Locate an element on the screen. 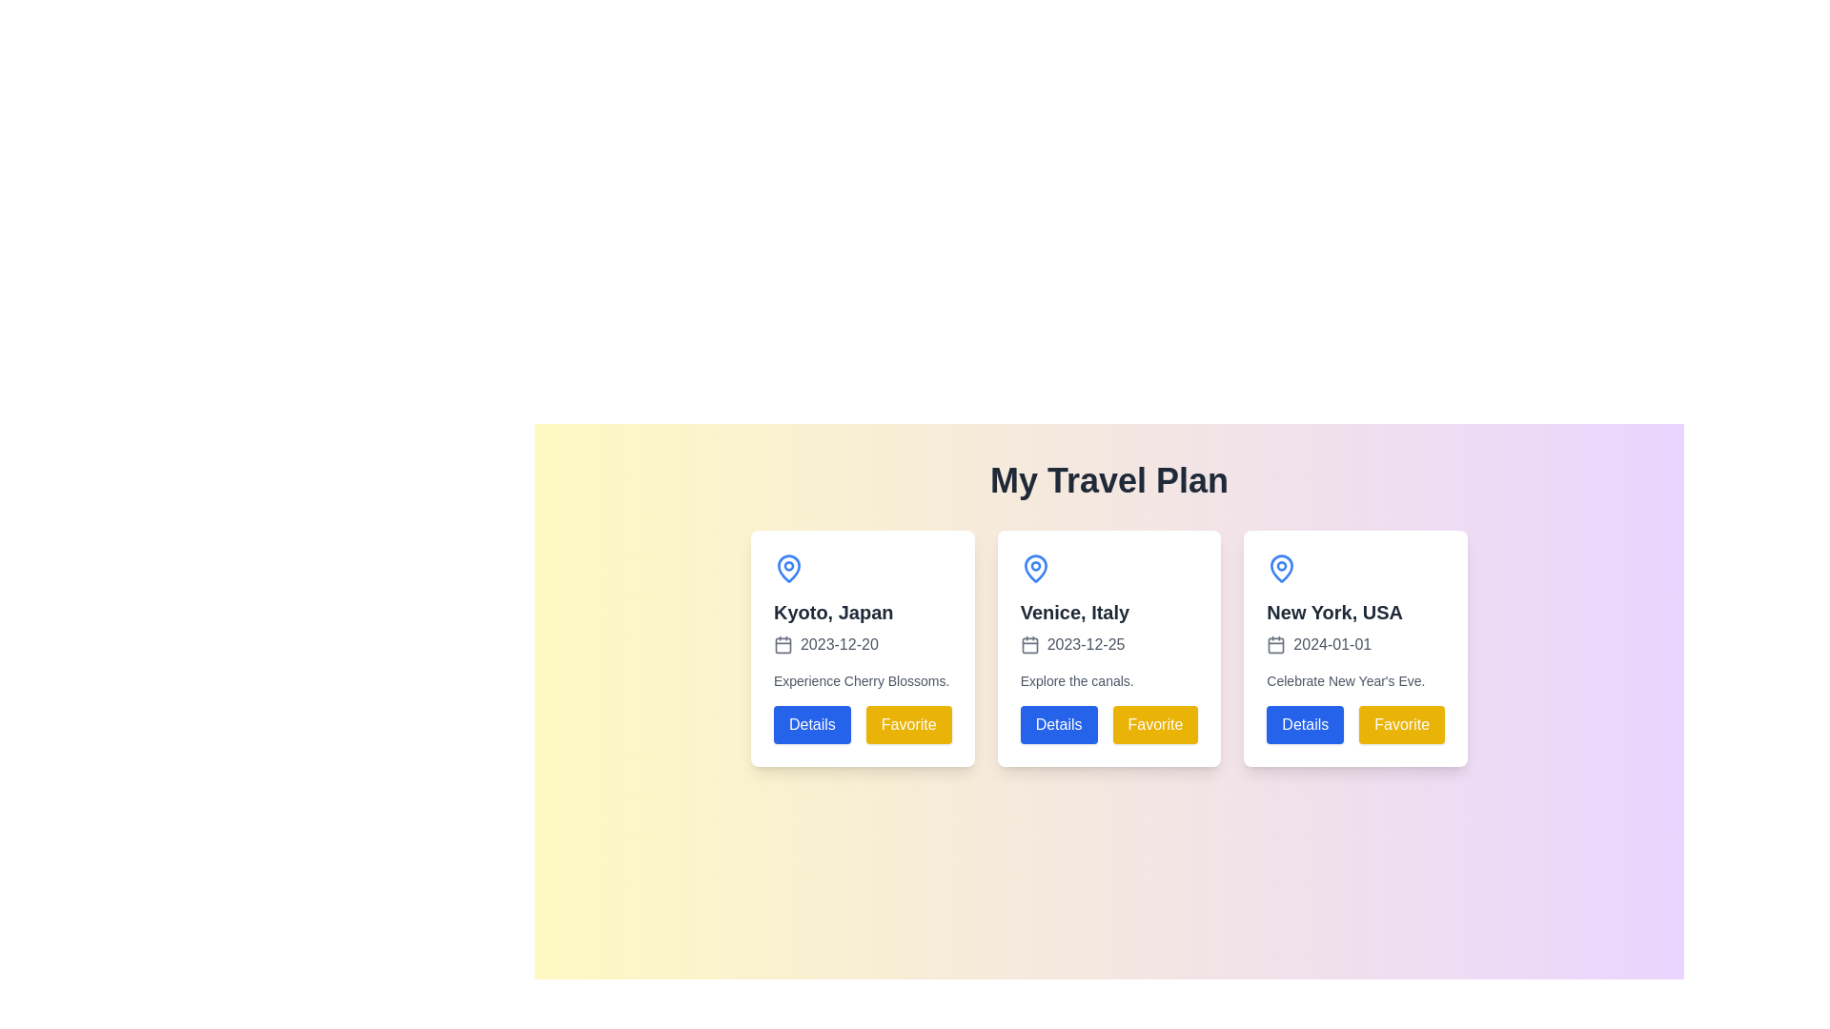 Image resolution: width=1830 pixels, height=1029 pixels. the yellow 'Favorite' button in the button group located at the bottom section of the card for 'New York, USA' to mark the event as favorite is located at coordinates (1354, 724).